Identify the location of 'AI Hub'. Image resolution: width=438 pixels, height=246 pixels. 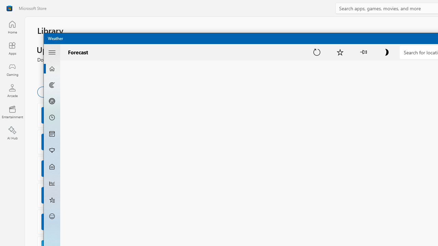
(12, 133).